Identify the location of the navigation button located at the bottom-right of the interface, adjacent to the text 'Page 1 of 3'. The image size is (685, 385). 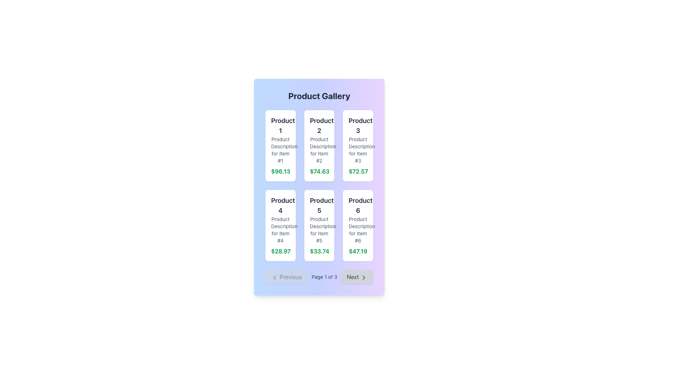
(357, 276).